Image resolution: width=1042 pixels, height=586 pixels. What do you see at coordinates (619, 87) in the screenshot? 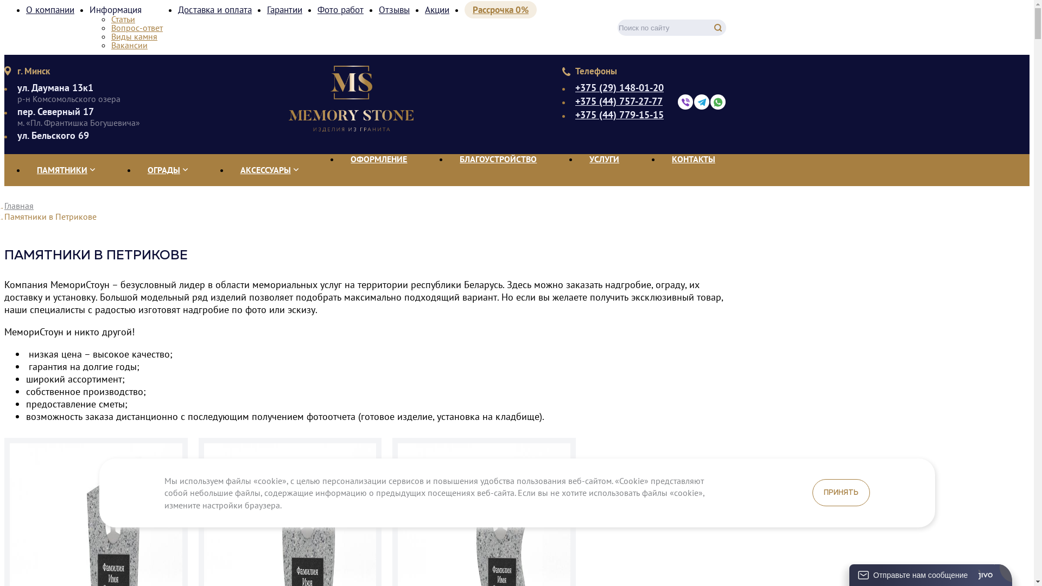
I see `'+375 (29) 148-01-20'` at bounding box center [619, 87].